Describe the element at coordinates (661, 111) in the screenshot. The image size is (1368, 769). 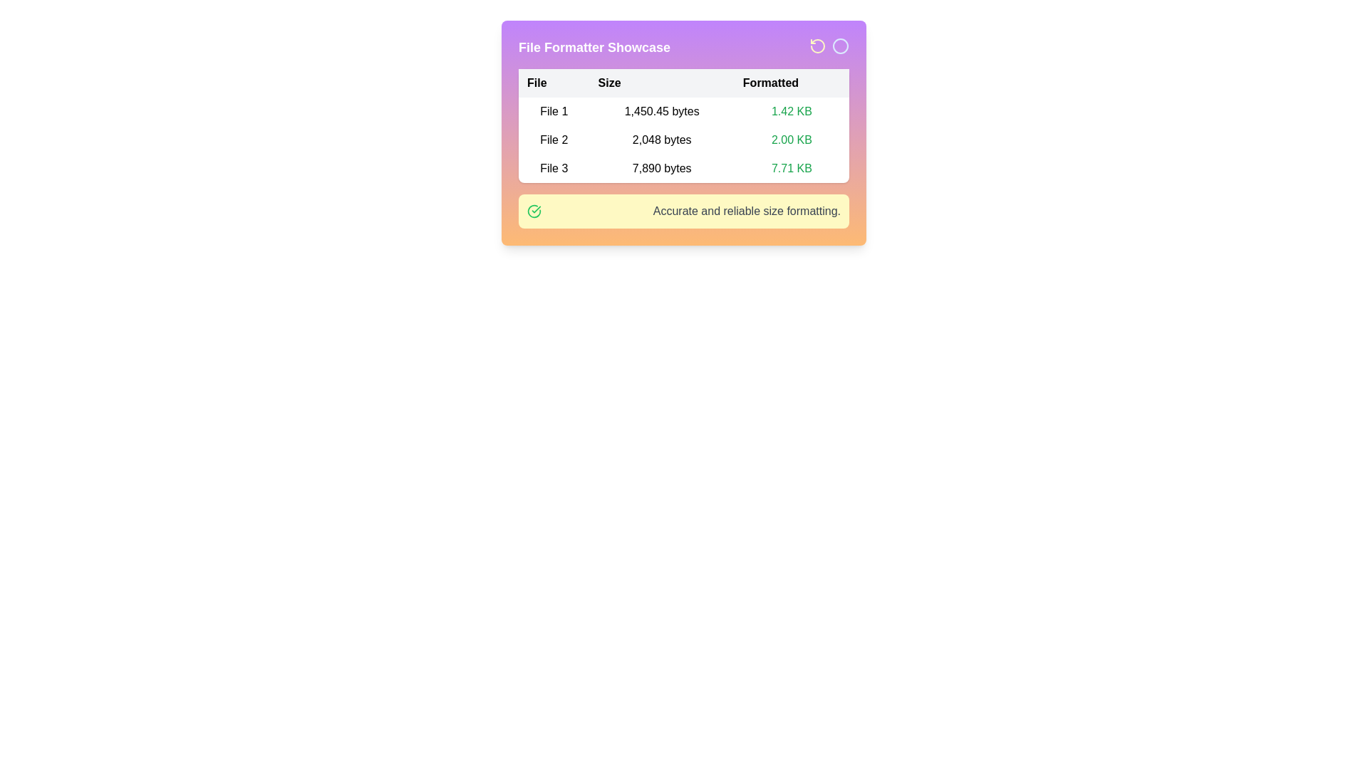
I see `the Text Label displaying the file size '1,450.45 bytes' in the second column of the first row of the table` at that location.